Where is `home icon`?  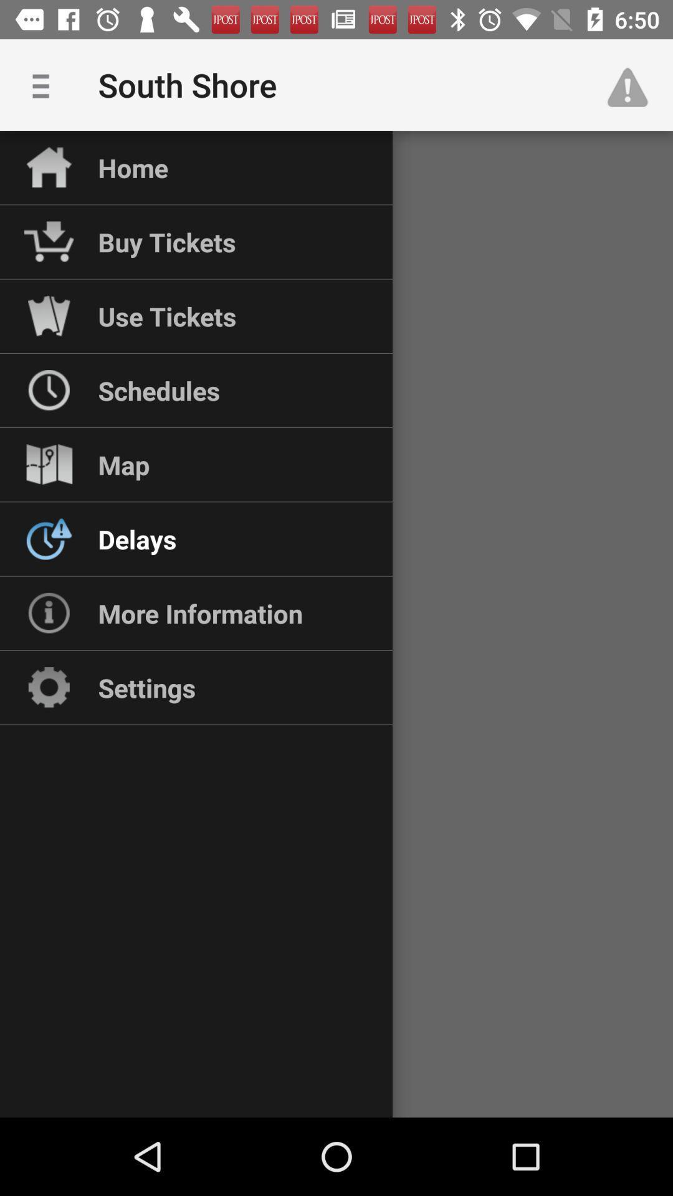 home icon is located at coordinates (133, 167).